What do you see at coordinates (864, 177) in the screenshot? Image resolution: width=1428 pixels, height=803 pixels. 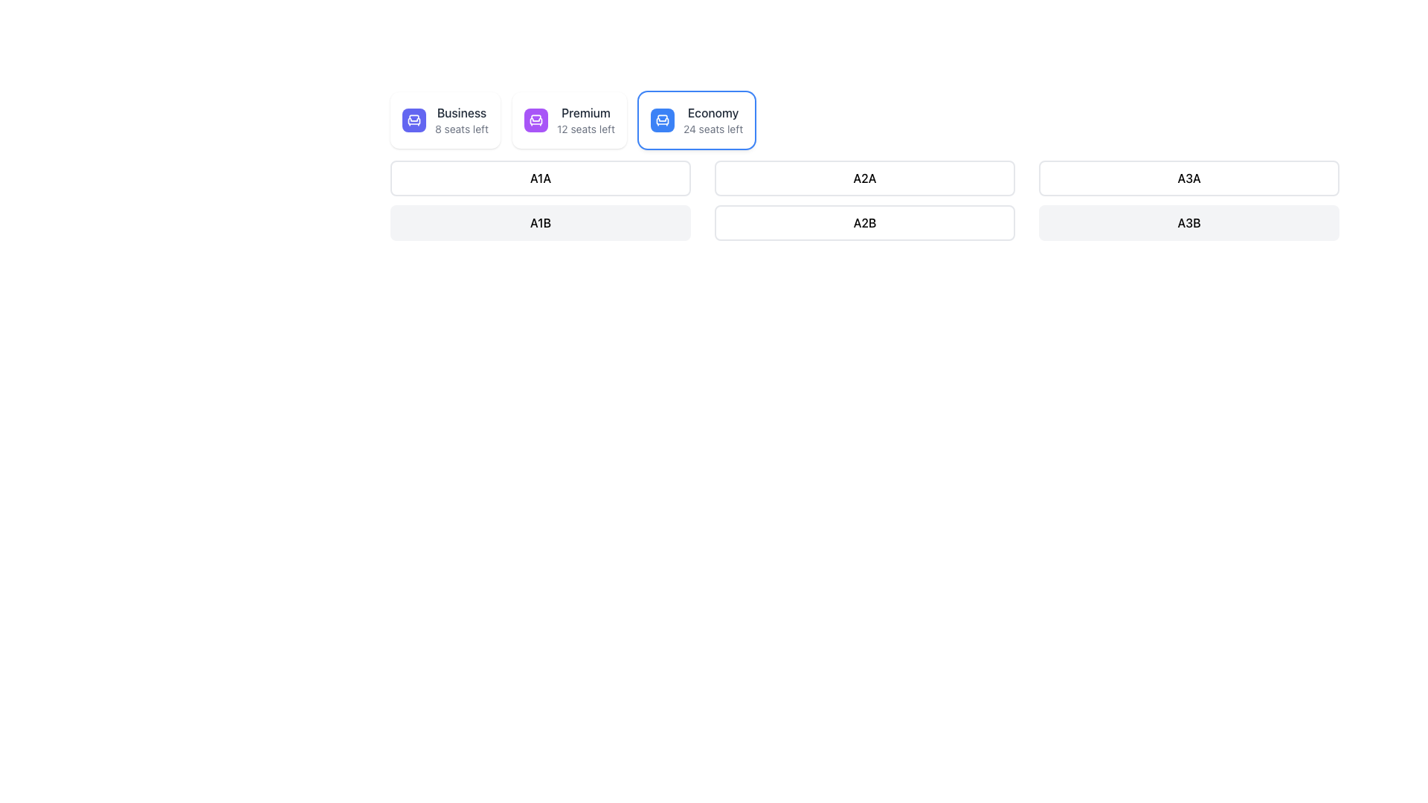 I see `the interactive button labeled 'A2A', which is positioned in the top row to the right of the button labeled 'A1A'` at bounding box center [864, 177].